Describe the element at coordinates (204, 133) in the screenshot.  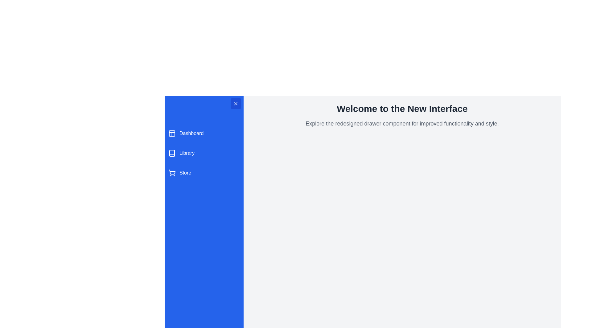
I see `the navigational button with a blue background labeled 'Dashboard' located in the left sidebar near the top` at that location.